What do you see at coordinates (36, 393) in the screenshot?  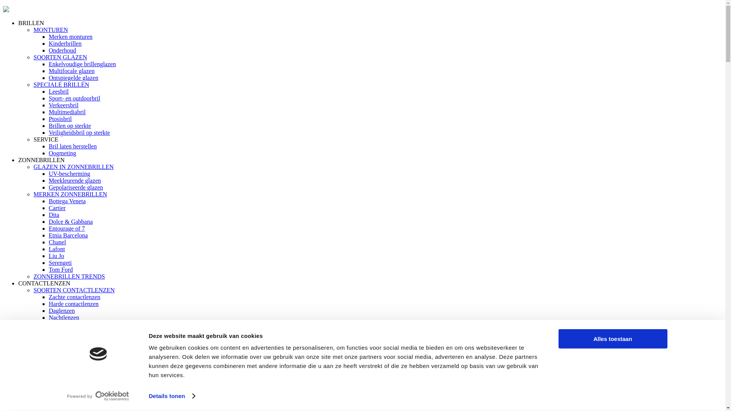 I see `'OOGMETING'` at bounding box center [36, 393].